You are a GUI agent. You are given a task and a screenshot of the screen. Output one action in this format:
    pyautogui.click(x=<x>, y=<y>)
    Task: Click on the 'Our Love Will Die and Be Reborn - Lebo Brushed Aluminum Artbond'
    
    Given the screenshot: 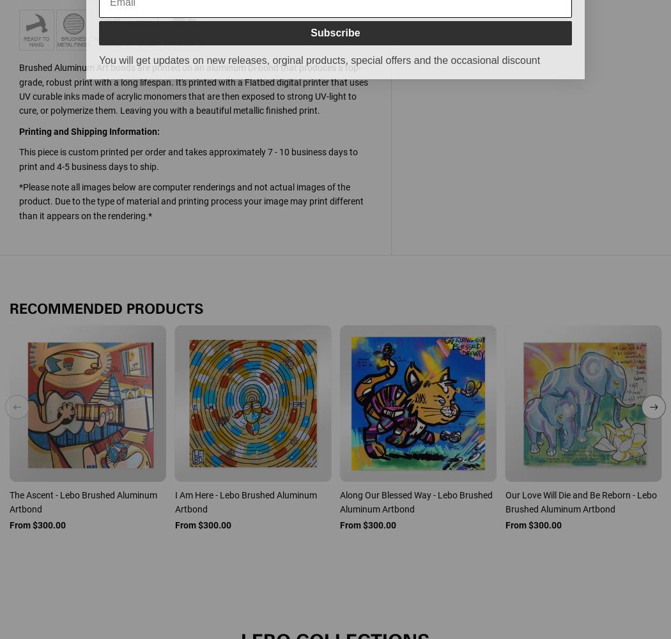 What is the action you would take?
    pyautogui.click(x=504, y=502)
    